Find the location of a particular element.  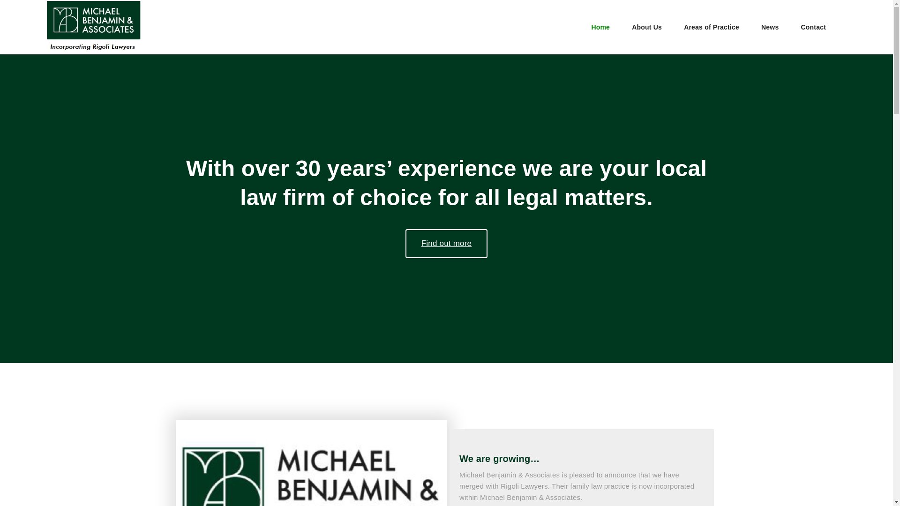

'News' is located at coordinates (761, 27).